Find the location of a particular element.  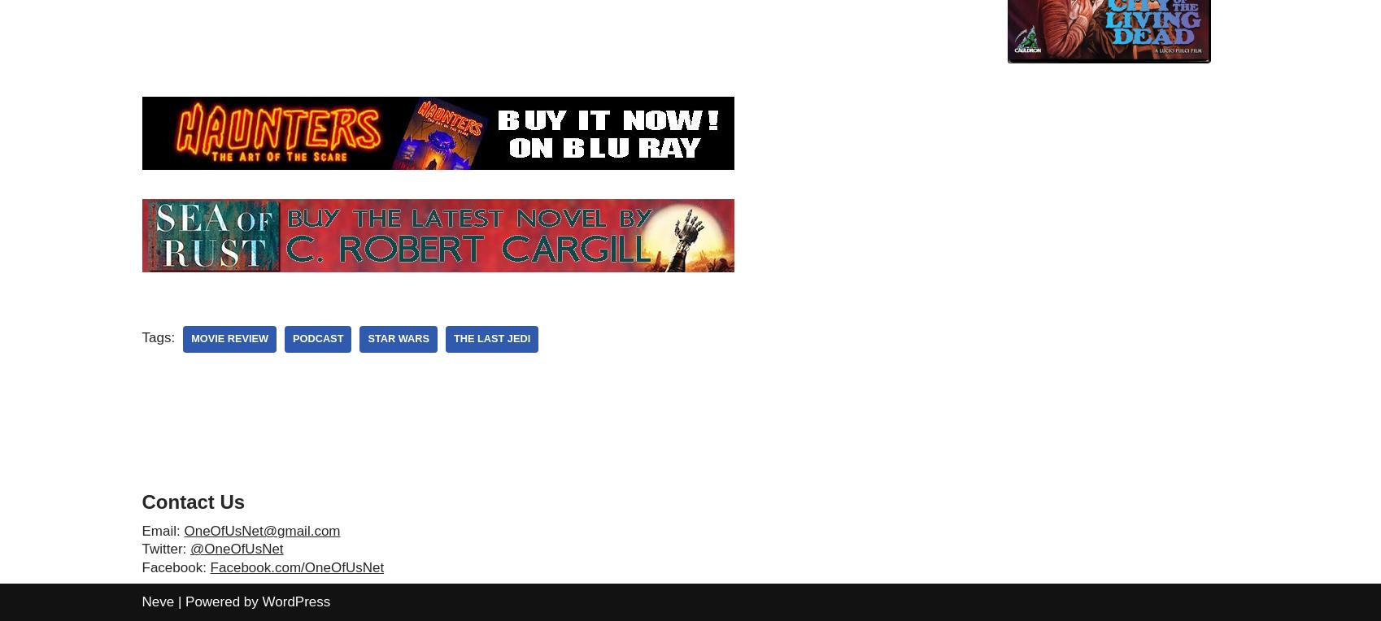

'Tags:' is located at coordinates (158, 337).